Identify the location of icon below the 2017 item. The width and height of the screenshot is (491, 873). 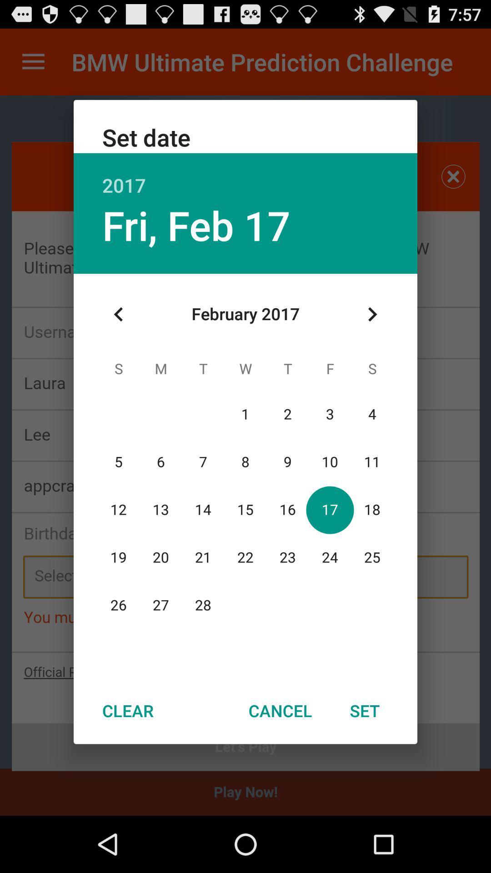
(196, 225).